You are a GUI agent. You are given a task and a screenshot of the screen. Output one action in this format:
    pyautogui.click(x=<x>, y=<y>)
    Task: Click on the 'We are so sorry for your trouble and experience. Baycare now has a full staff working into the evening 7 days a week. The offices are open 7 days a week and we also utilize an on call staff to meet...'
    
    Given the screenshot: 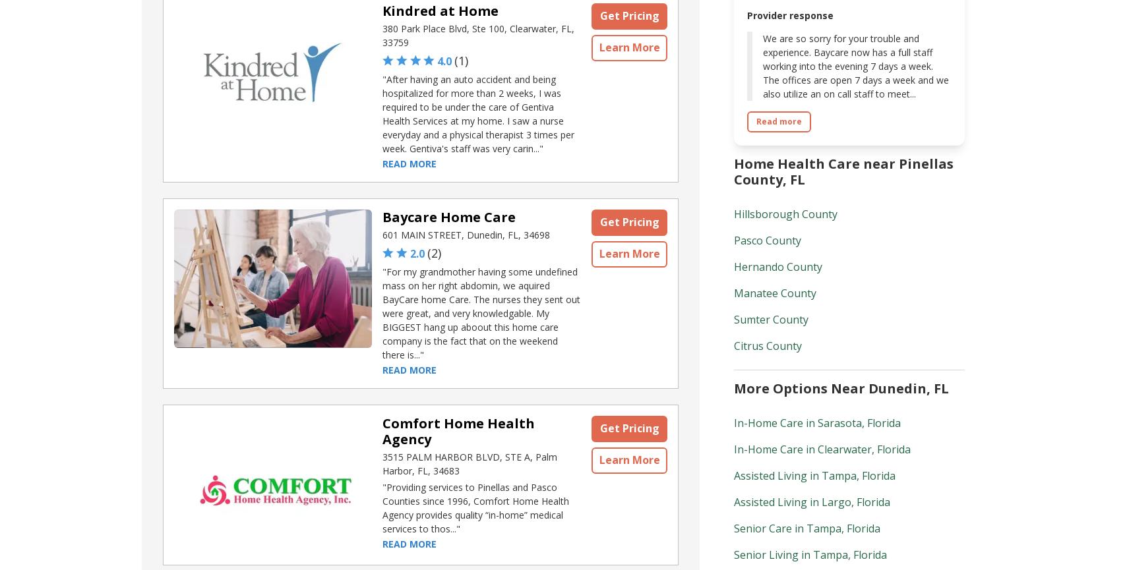 What is the action you would take?
    pyautogui.click(x=855, y=66)
    